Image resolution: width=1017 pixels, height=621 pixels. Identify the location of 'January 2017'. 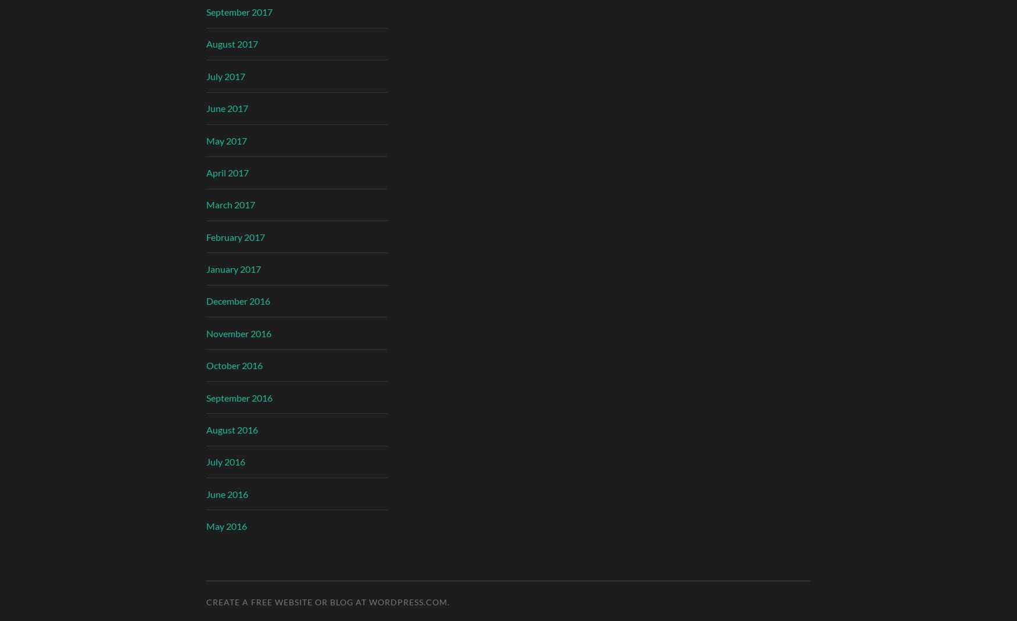
(232, 269).